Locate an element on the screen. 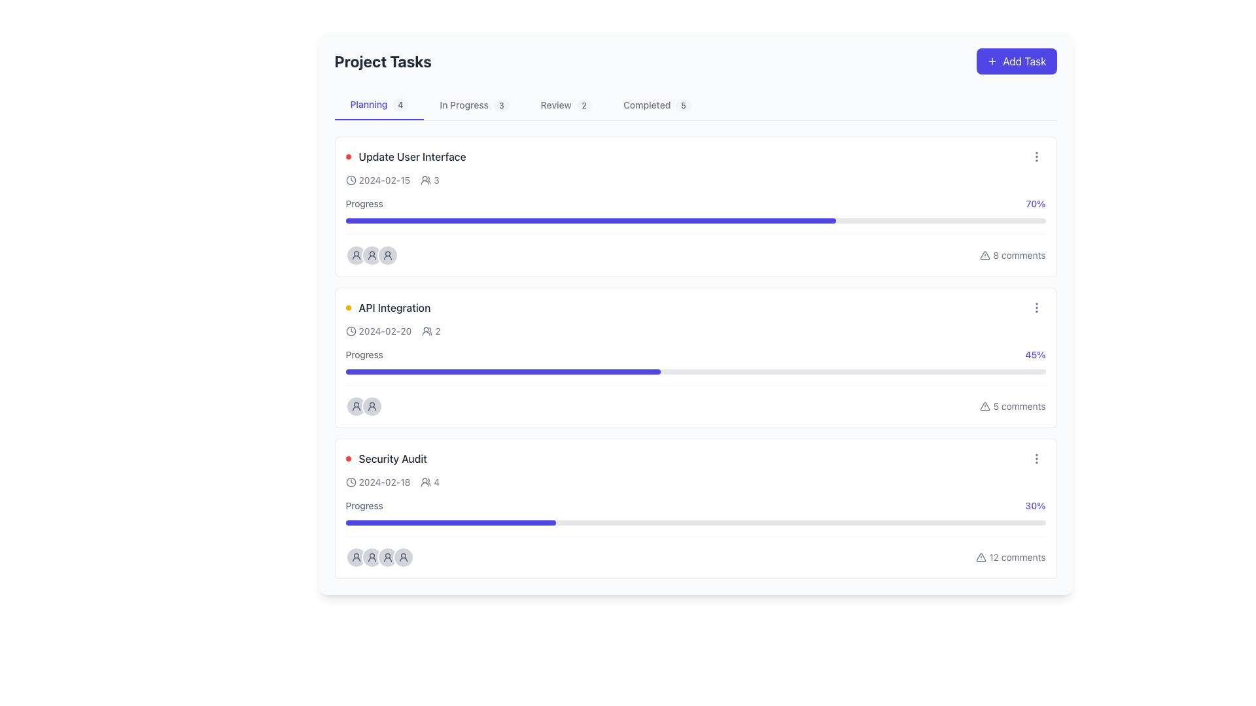 This screenshot has height=706, width=1256. the horizontal progress bar that is filled to 70% in dark blue, located in the 'Progress' section of the 'Update User Interface' task box in the 'Planning' category is located at coordinates (589, 220).